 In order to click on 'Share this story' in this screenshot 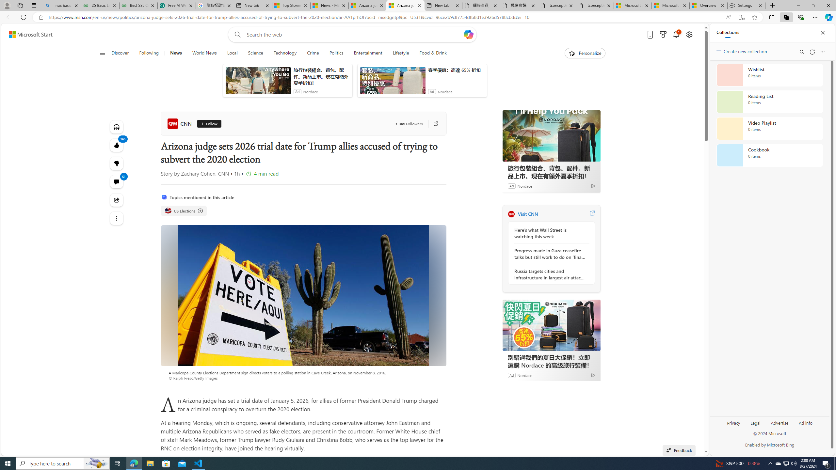, I will do `click(116, 200)`.